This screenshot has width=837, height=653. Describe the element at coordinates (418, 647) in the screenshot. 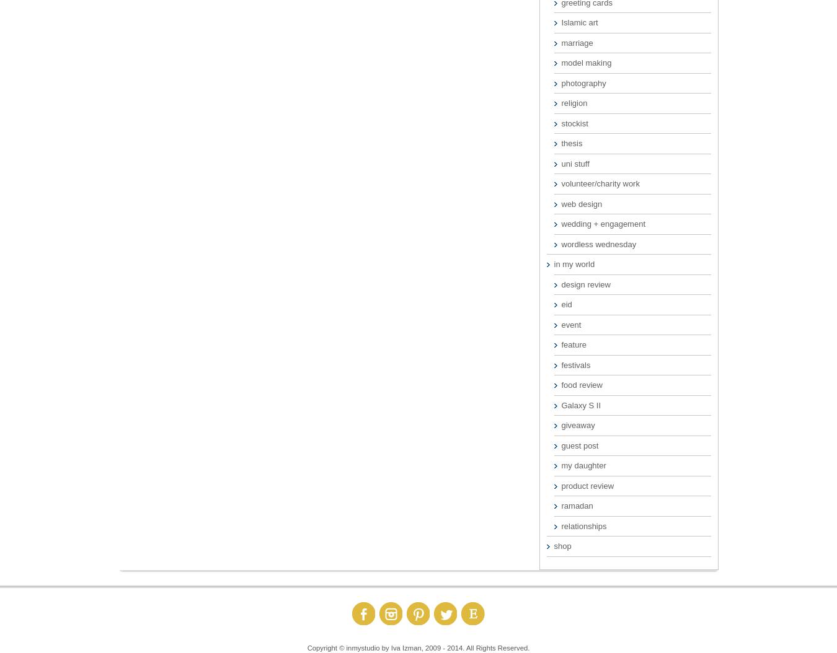

I see `'Copyright © inmystudio by Iva Izman, 2009 - 2014. All Rights Reserved.'` at that location.